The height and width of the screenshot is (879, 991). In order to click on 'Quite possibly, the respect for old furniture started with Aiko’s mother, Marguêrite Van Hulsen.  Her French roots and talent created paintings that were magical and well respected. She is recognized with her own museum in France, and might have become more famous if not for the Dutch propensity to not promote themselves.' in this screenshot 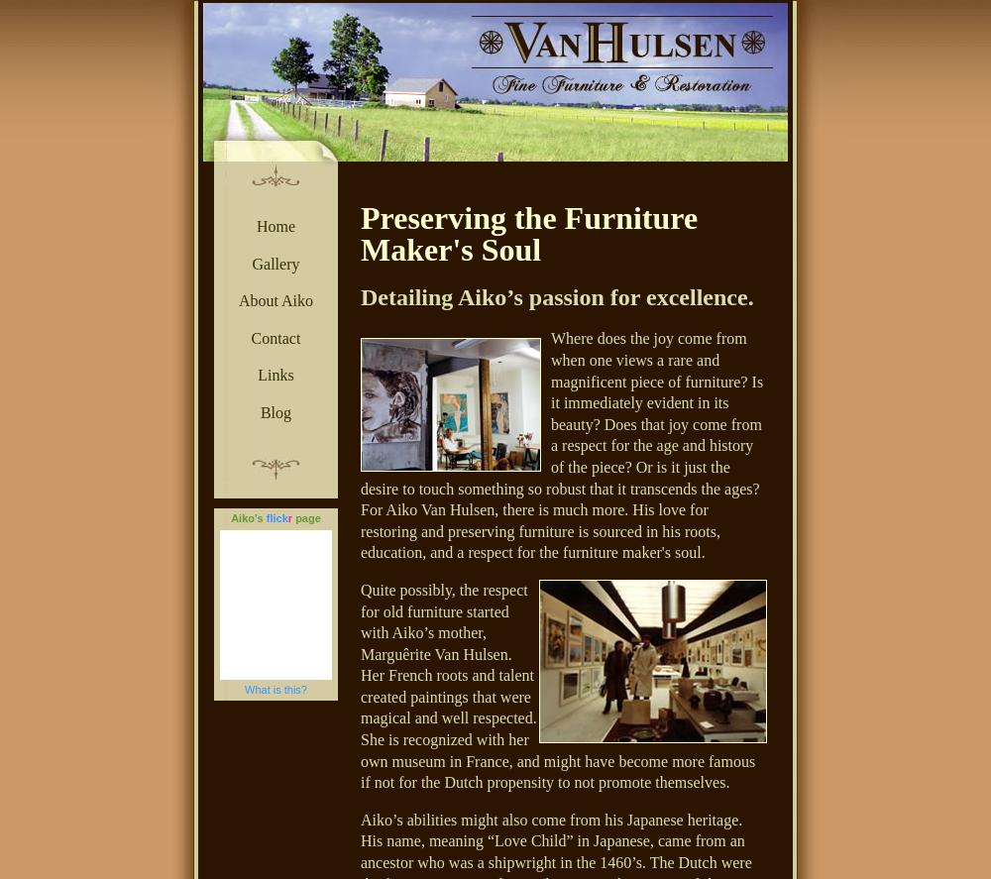, I will do `click(557, 686)`.